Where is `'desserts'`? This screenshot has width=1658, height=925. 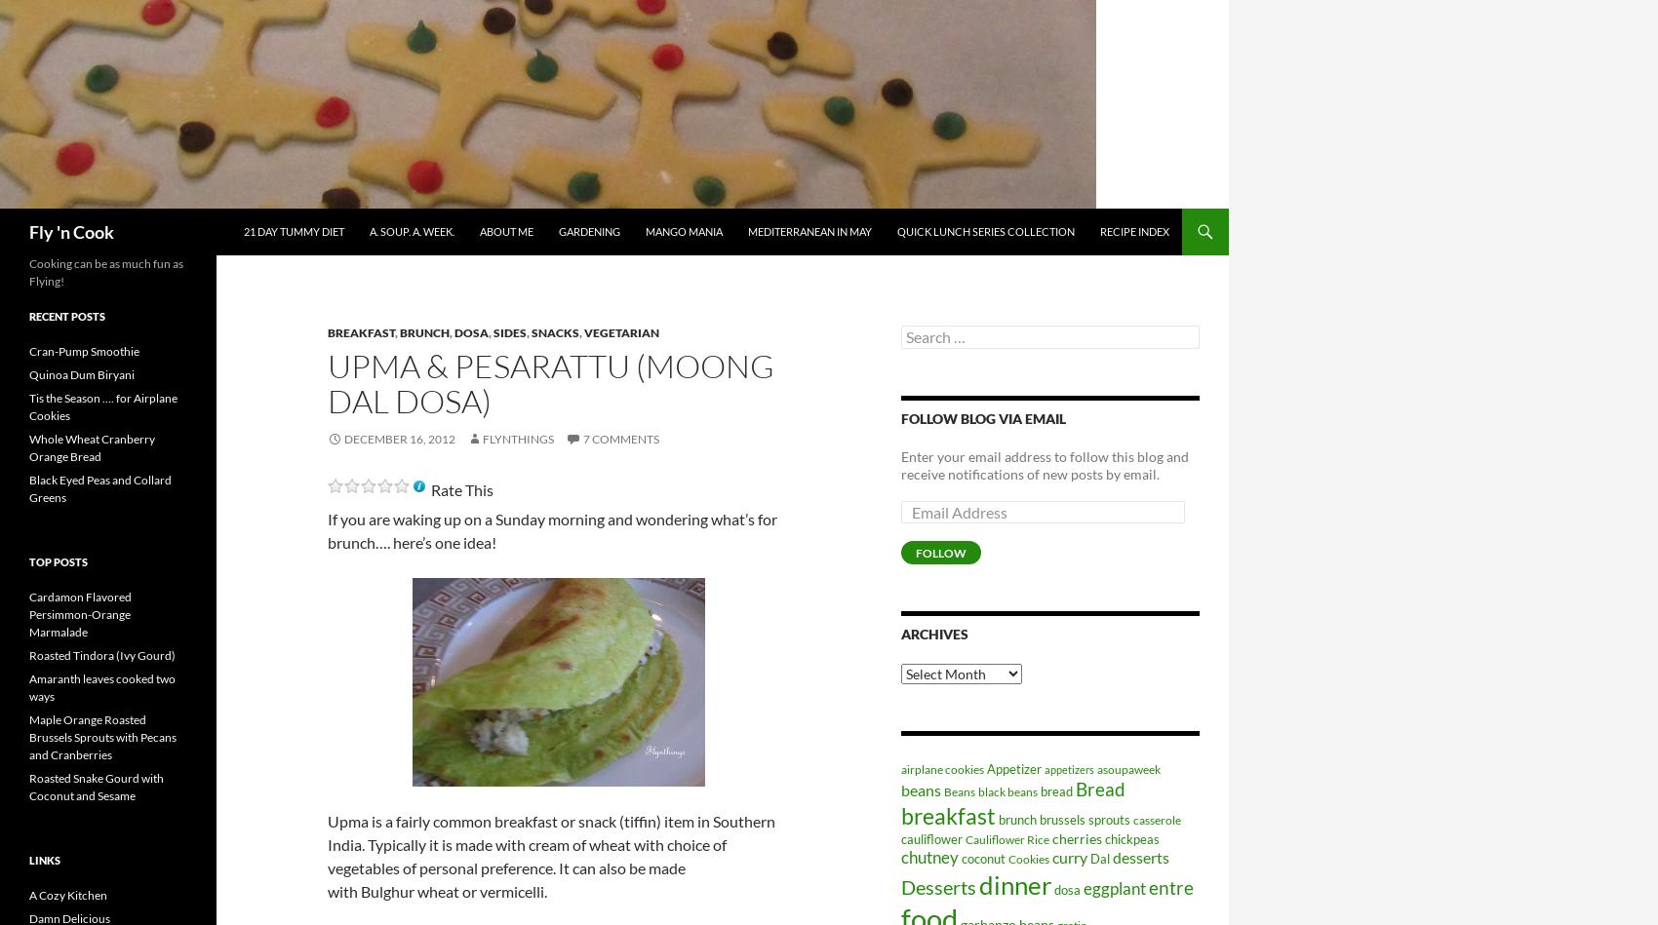 'desserts' is located at coordinates (1140, 857).